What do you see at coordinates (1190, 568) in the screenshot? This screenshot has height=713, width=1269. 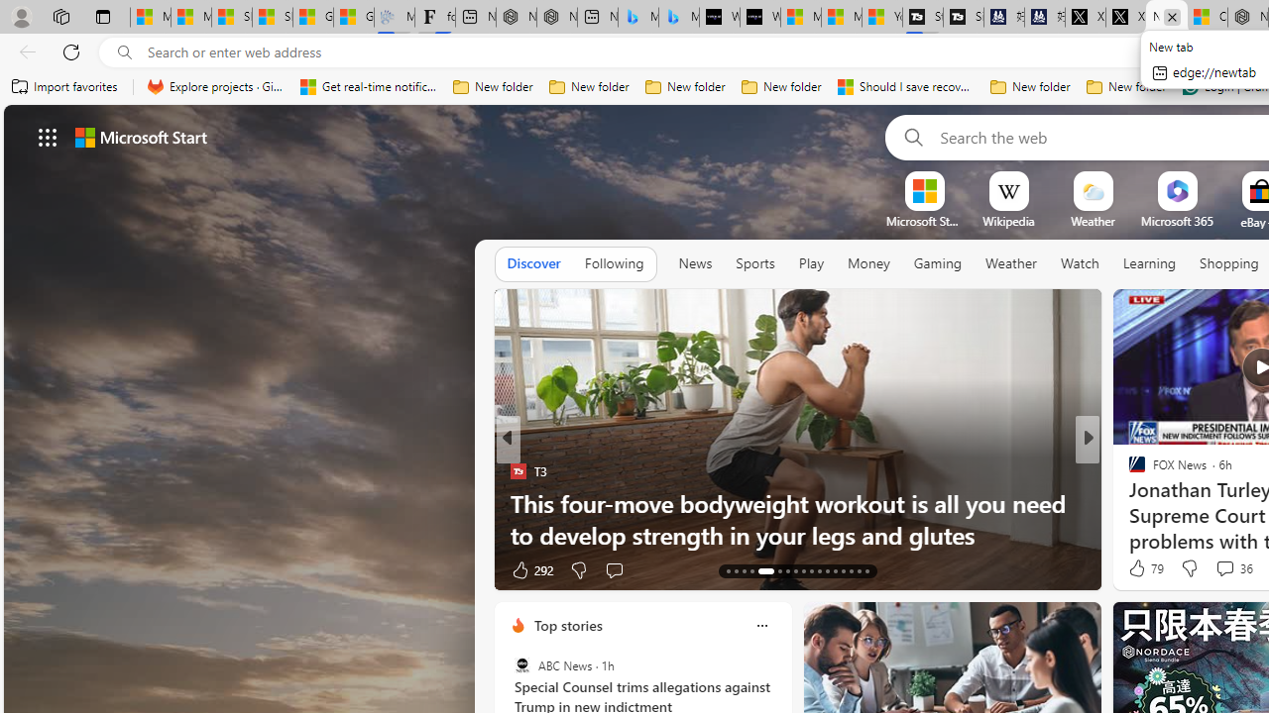 I see `'Dislike'` at bounding box center [1190, 568].